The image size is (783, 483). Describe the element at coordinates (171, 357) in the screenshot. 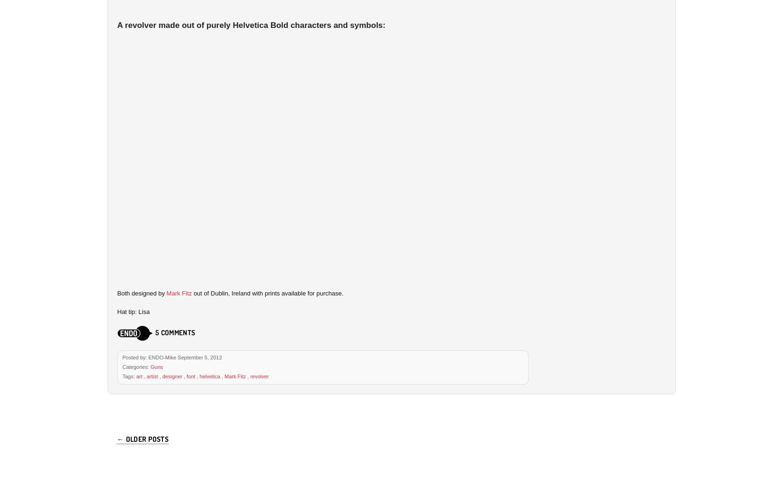

I see `'Posted by: ENDO-Mike September 5, 2012'` at that location.